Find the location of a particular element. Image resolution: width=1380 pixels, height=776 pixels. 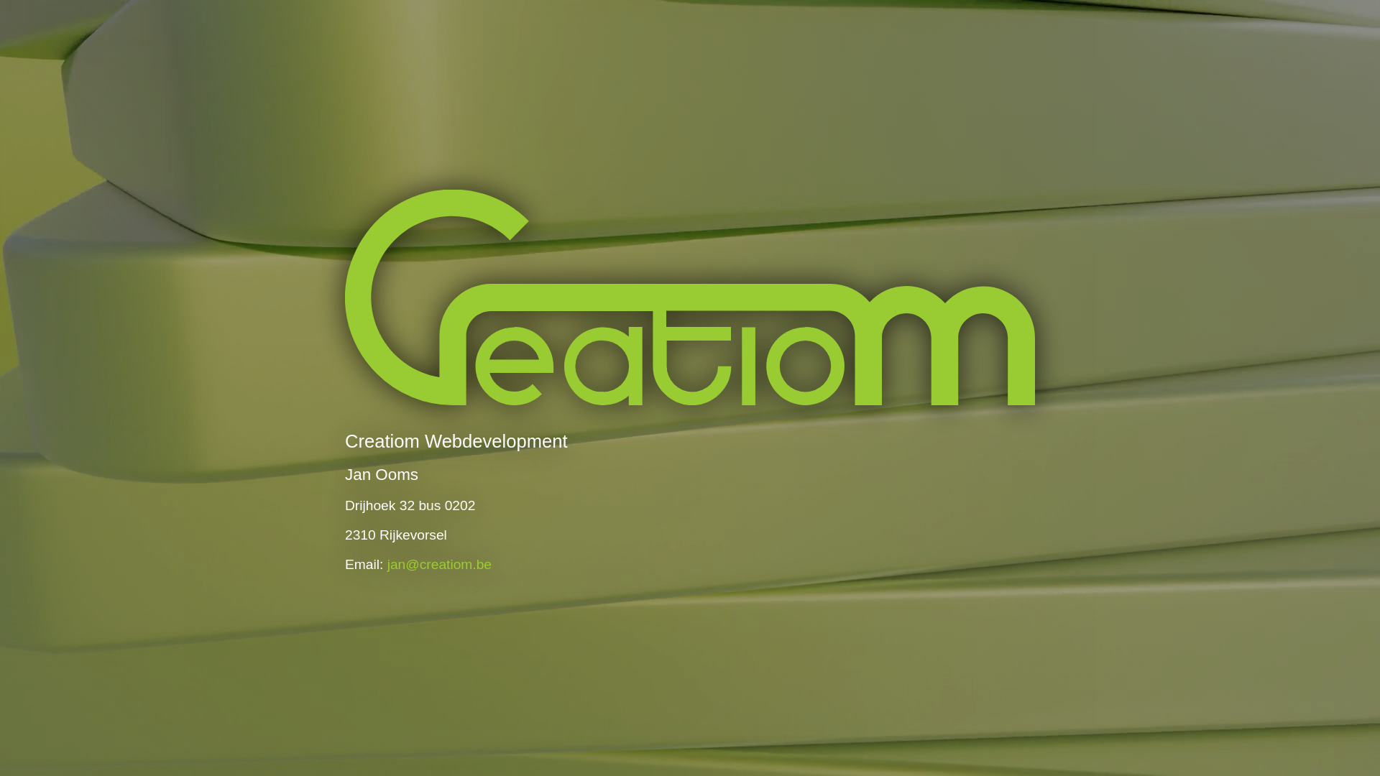

'jan@creatiom.be' is located at coordinates (387, 563).